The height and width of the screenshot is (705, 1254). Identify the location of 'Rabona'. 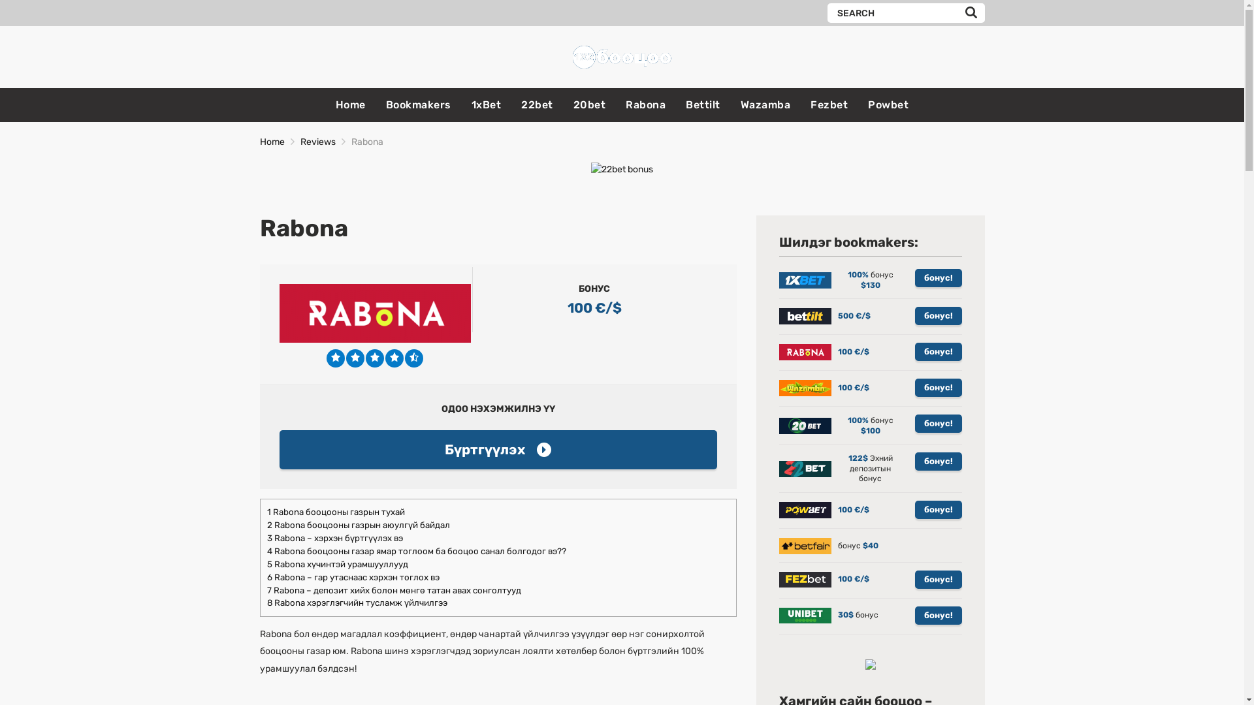
(645, 104).